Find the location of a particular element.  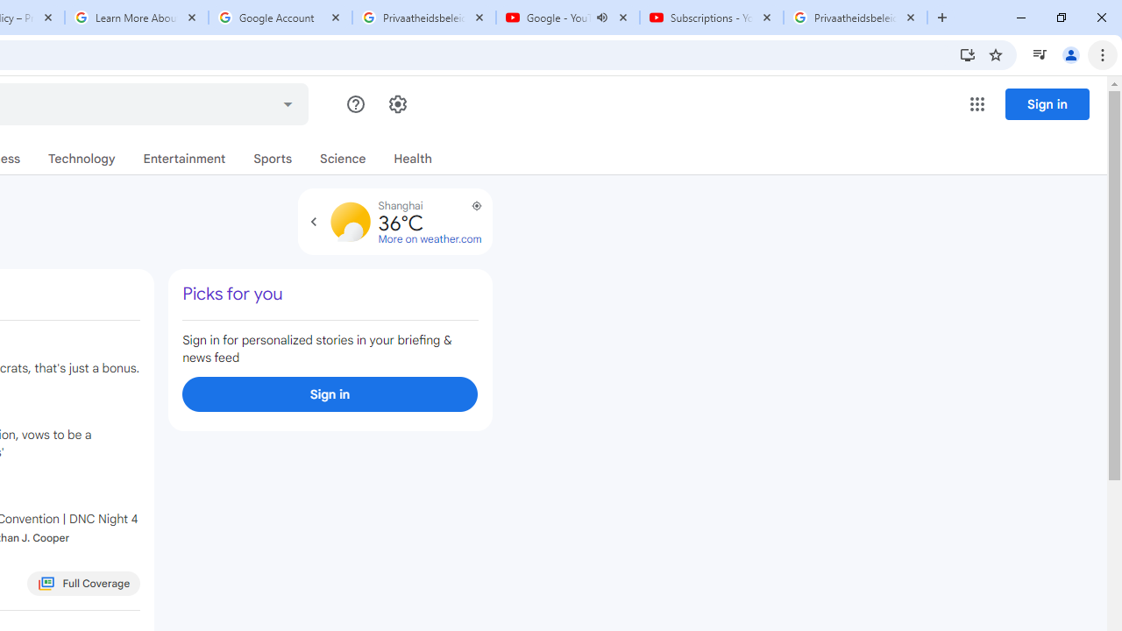

'Expand to view forecast' is located at coordinates (313, 221).